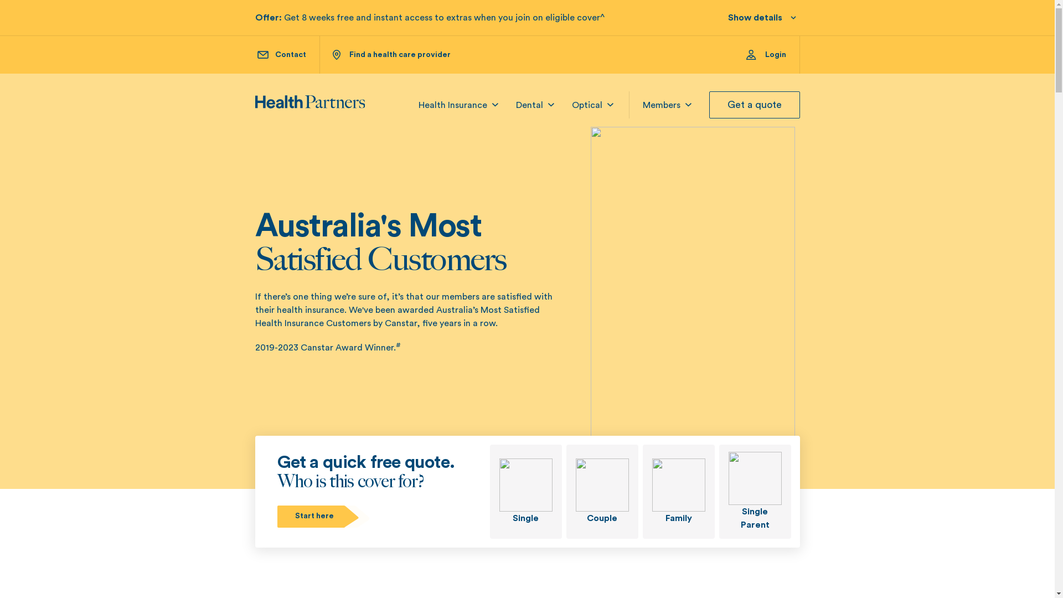 The image size is (1063, 598). What do you see at coordinates (601, 491) in the screenshot?
I see `'Couple'` at bounding box center [601, 491].